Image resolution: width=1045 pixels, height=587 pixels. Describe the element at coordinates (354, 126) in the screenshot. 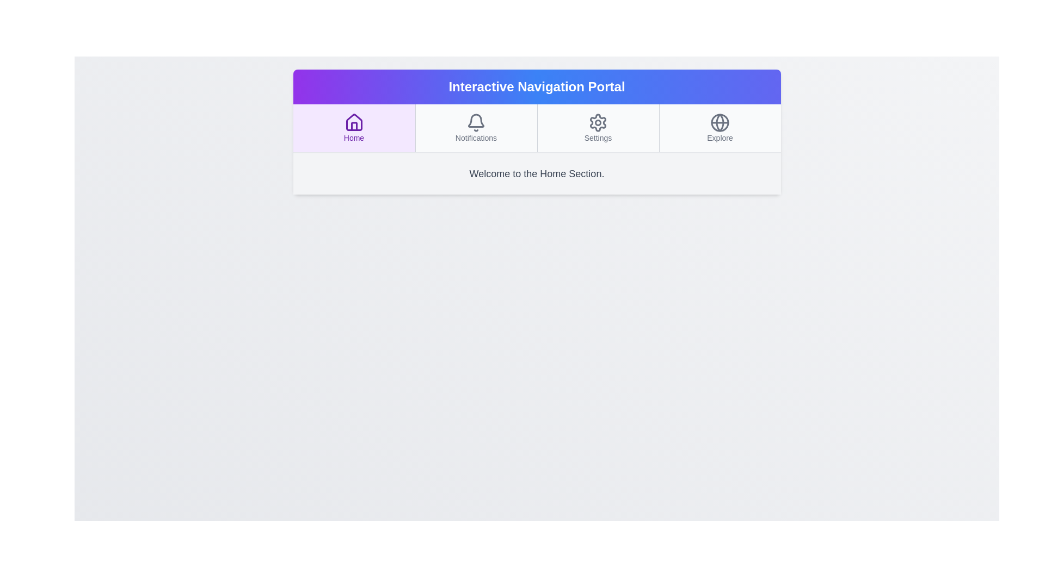

I see `the Decorative Icon Component, which resembles a rectangular door within a house icon located at the center of the purple-highlighted 'Home' section in the navigation bar` at that location.